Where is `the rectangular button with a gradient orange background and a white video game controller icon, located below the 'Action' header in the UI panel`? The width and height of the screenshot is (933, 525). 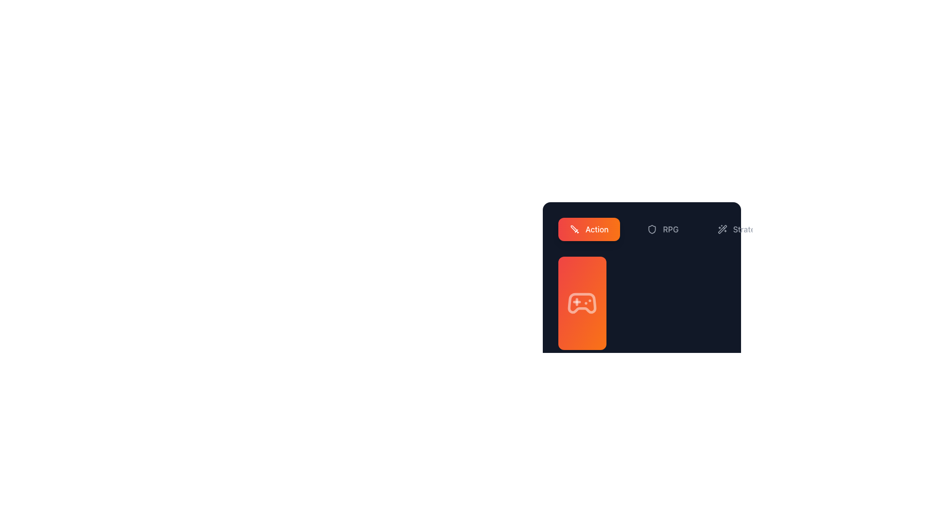 the rectangular button with a gradient orange background and a white video game controller icon, located below the 'Action' header in the UI panel is located at coordinates (582, 346).